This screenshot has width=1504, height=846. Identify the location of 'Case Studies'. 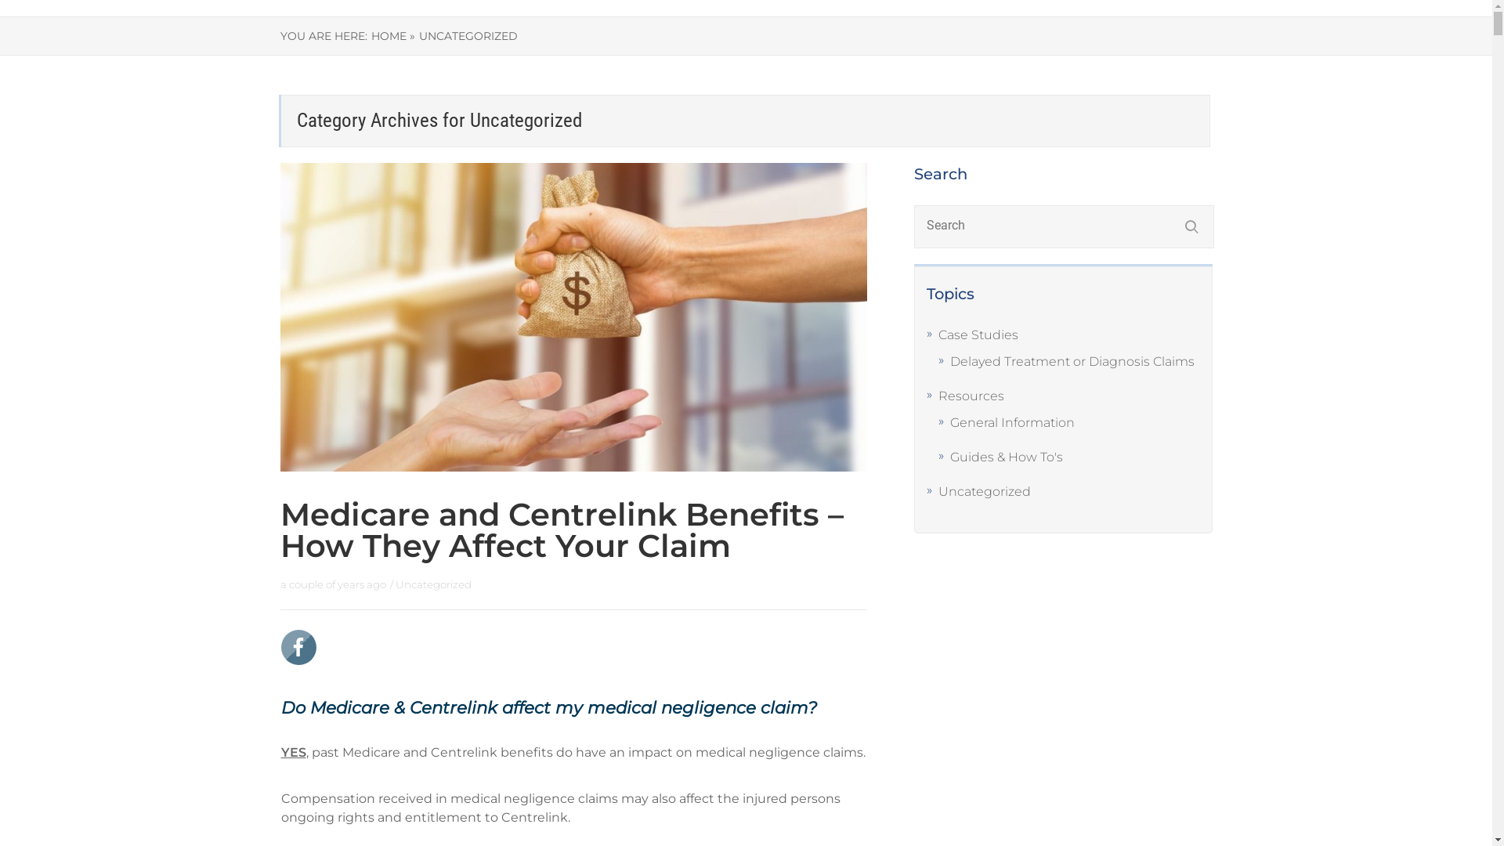
(938, 334).